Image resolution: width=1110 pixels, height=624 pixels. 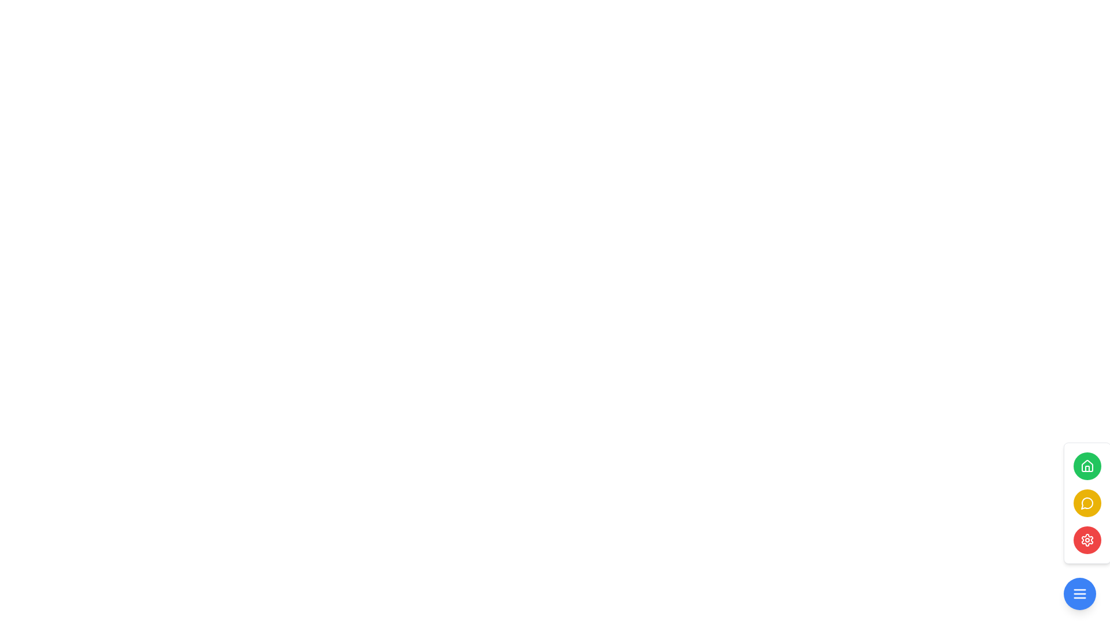 I want to click on the circular blue button with a hamburger menu icon located at the bottom right corner of the interface, so click(x=1079, y=594).